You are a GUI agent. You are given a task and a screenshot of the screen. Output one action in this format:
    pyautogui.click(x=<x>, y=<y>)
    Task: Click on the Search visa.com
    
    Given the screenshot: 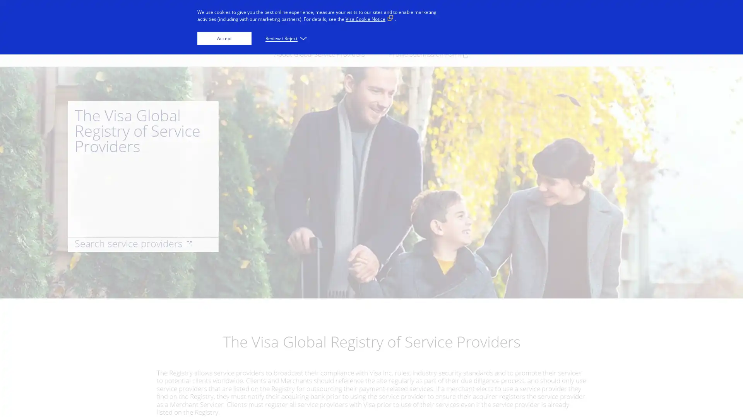 What is the action you would take?
    pyautogui.click(x=724, y=20)
    